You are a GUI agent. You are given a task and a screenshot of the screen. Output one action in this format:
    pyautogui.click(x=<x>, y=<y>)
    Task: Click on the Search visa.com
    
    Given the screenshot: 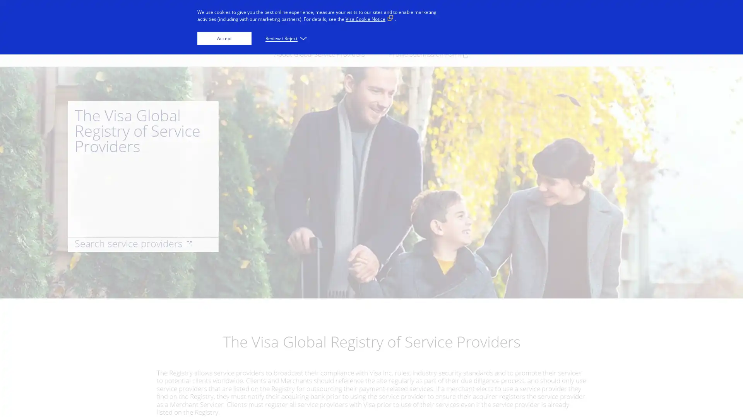 What is the action you would take?
    pyautogui.click(x=724, y=20)
    